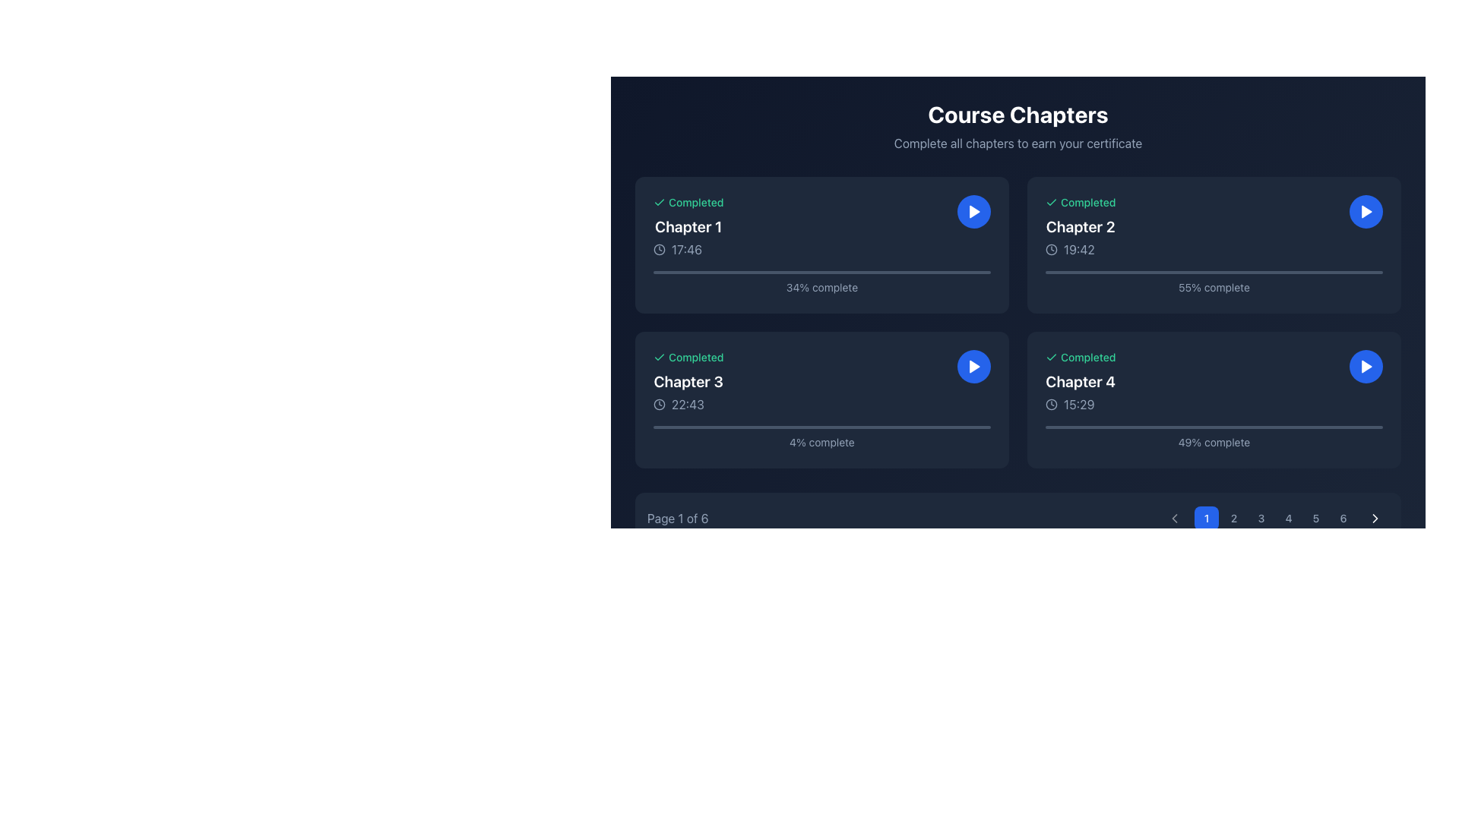  What do you see at coordinates (973, 211) in the screenshot?
I see `the triangular play icon button enclosed within a circular blue button located at the top-right corner of the 'Chapter 1' content card to observe any tooltip or styling changes` at bounding box center [973, 211].